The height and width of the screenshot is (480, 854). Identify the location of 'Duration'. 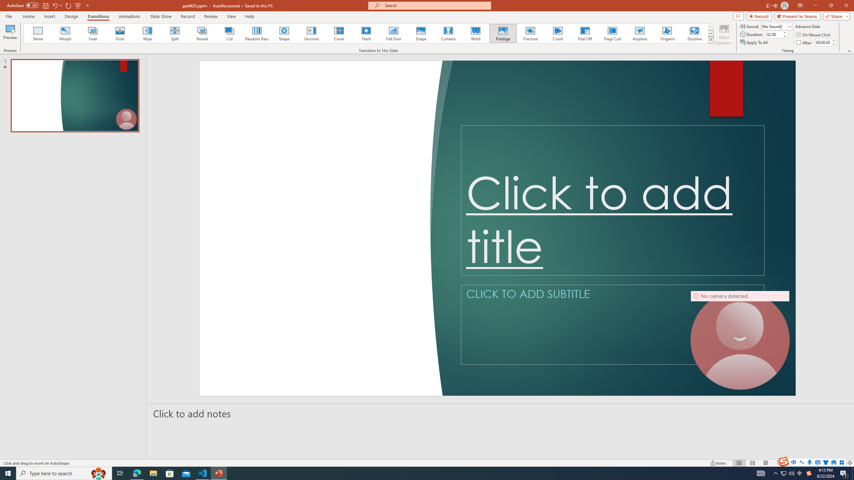
(774, 34).